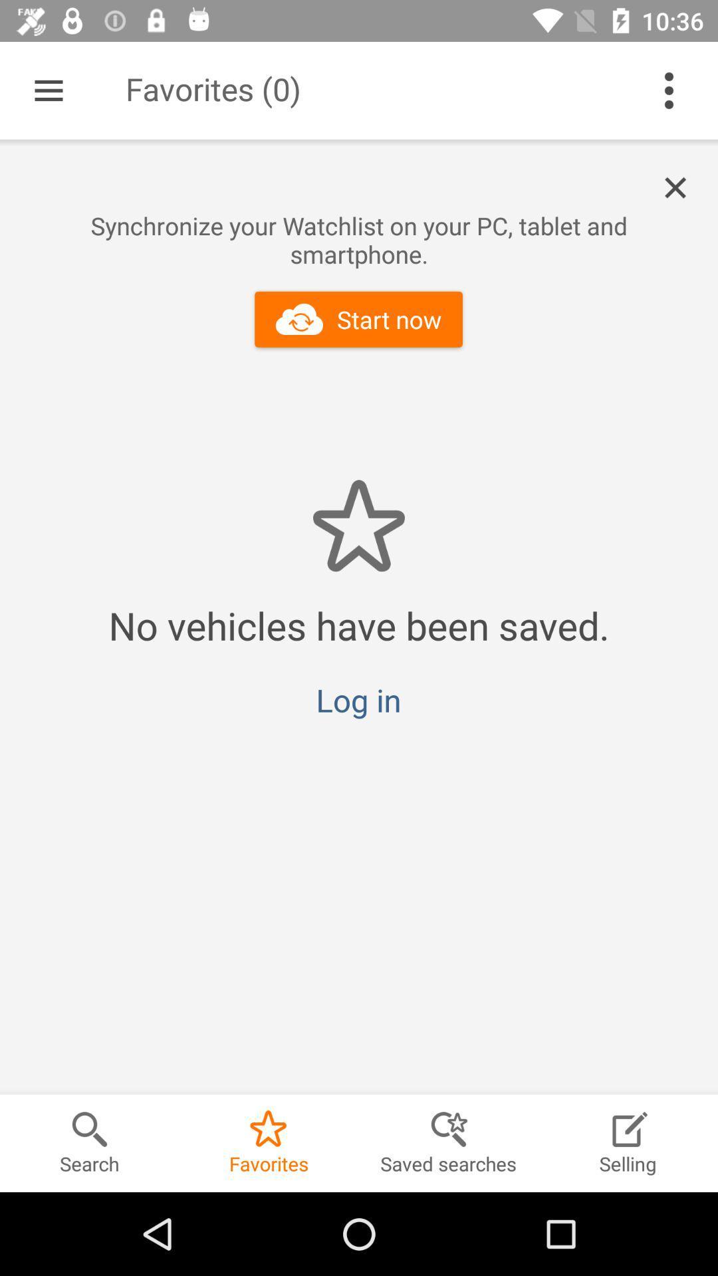 This screenshot has width=718, height=1276. Describe the element at coordinates (358, 319) in the screenshot. I see `the start now icon` at that location.